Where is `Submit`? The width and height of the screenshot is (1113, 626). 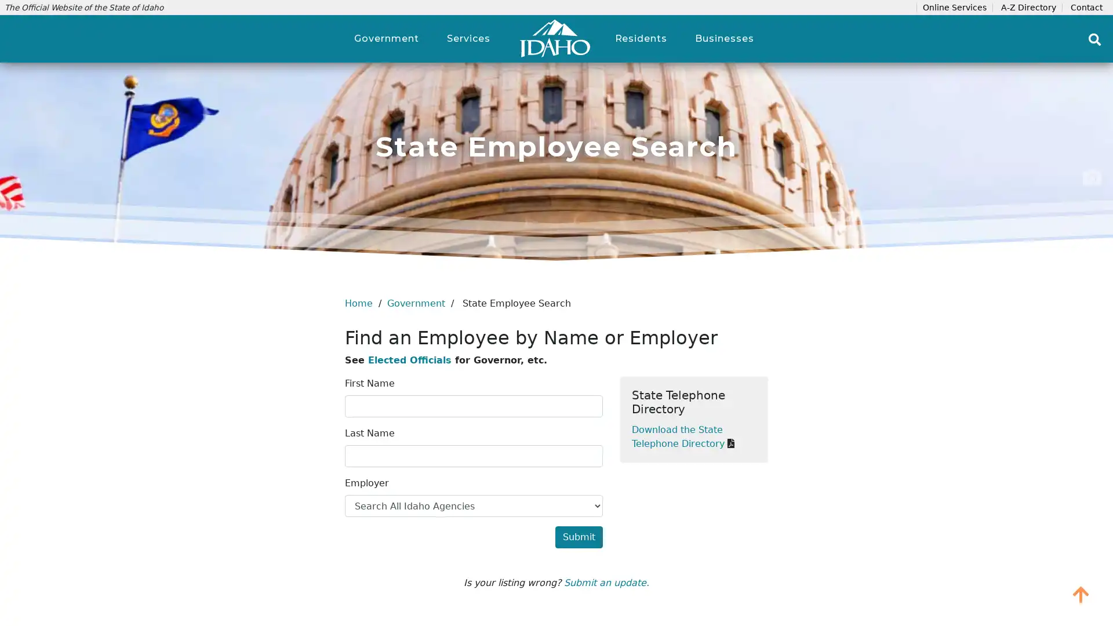 Submit is located at coordinates (579, 537).